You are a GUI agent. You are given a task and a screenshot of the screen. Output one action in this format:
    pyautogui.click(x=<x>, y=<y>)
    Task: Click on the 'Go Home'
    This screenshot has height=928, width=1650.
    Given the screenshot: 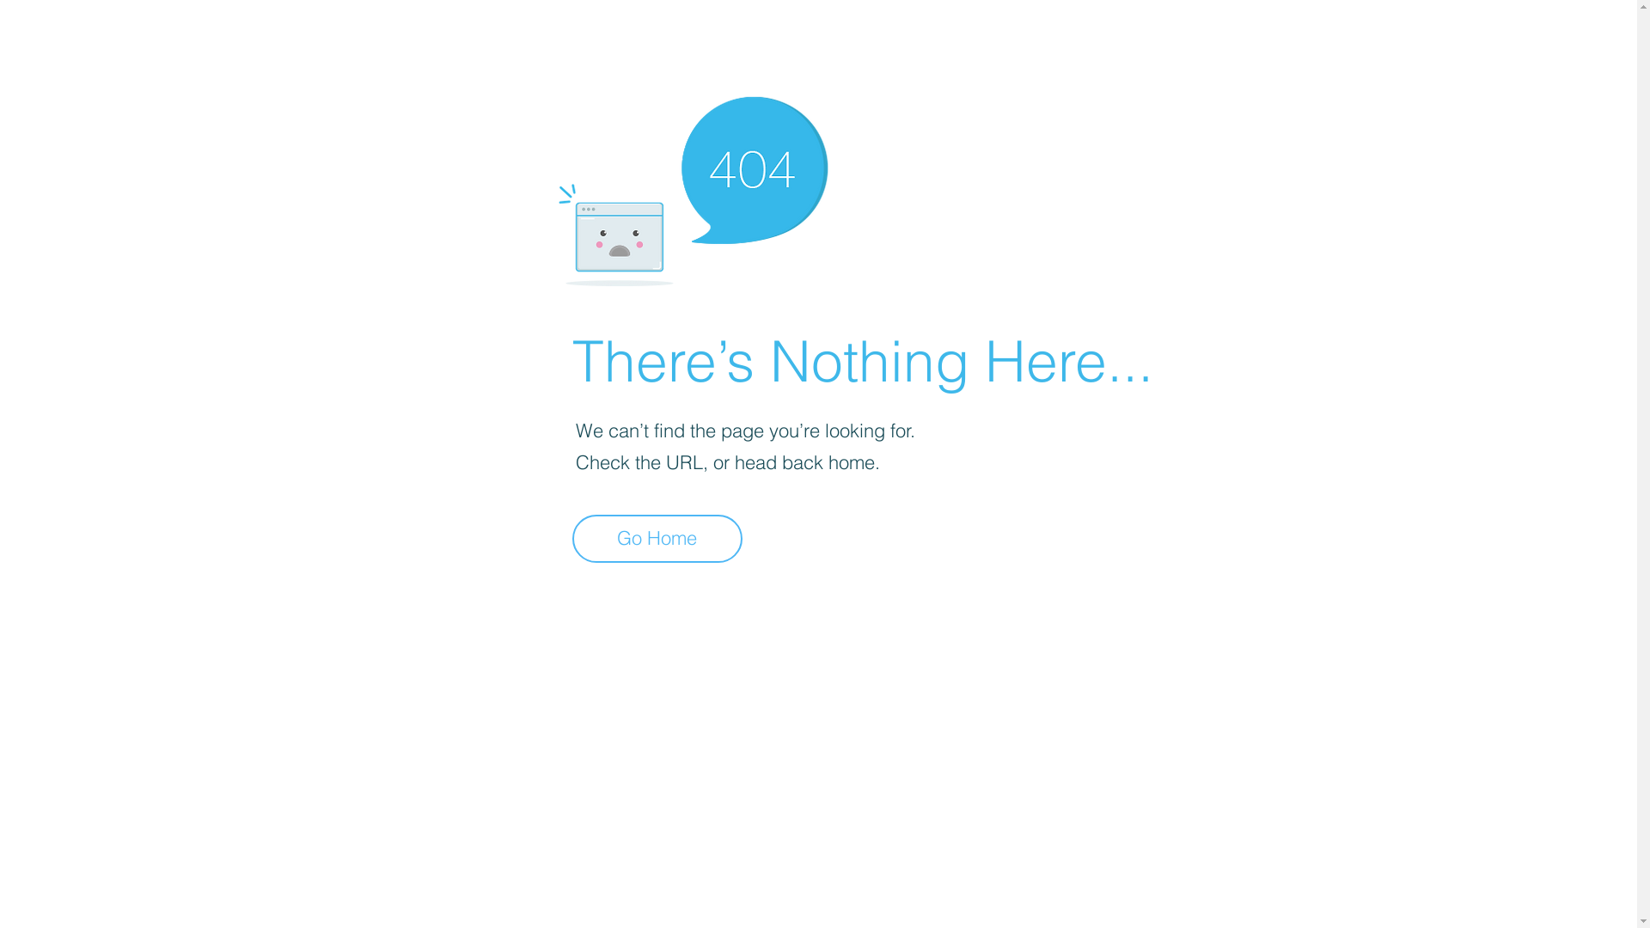 What is the action you would take?
    pyautogui.click(x=656, y=538)
    